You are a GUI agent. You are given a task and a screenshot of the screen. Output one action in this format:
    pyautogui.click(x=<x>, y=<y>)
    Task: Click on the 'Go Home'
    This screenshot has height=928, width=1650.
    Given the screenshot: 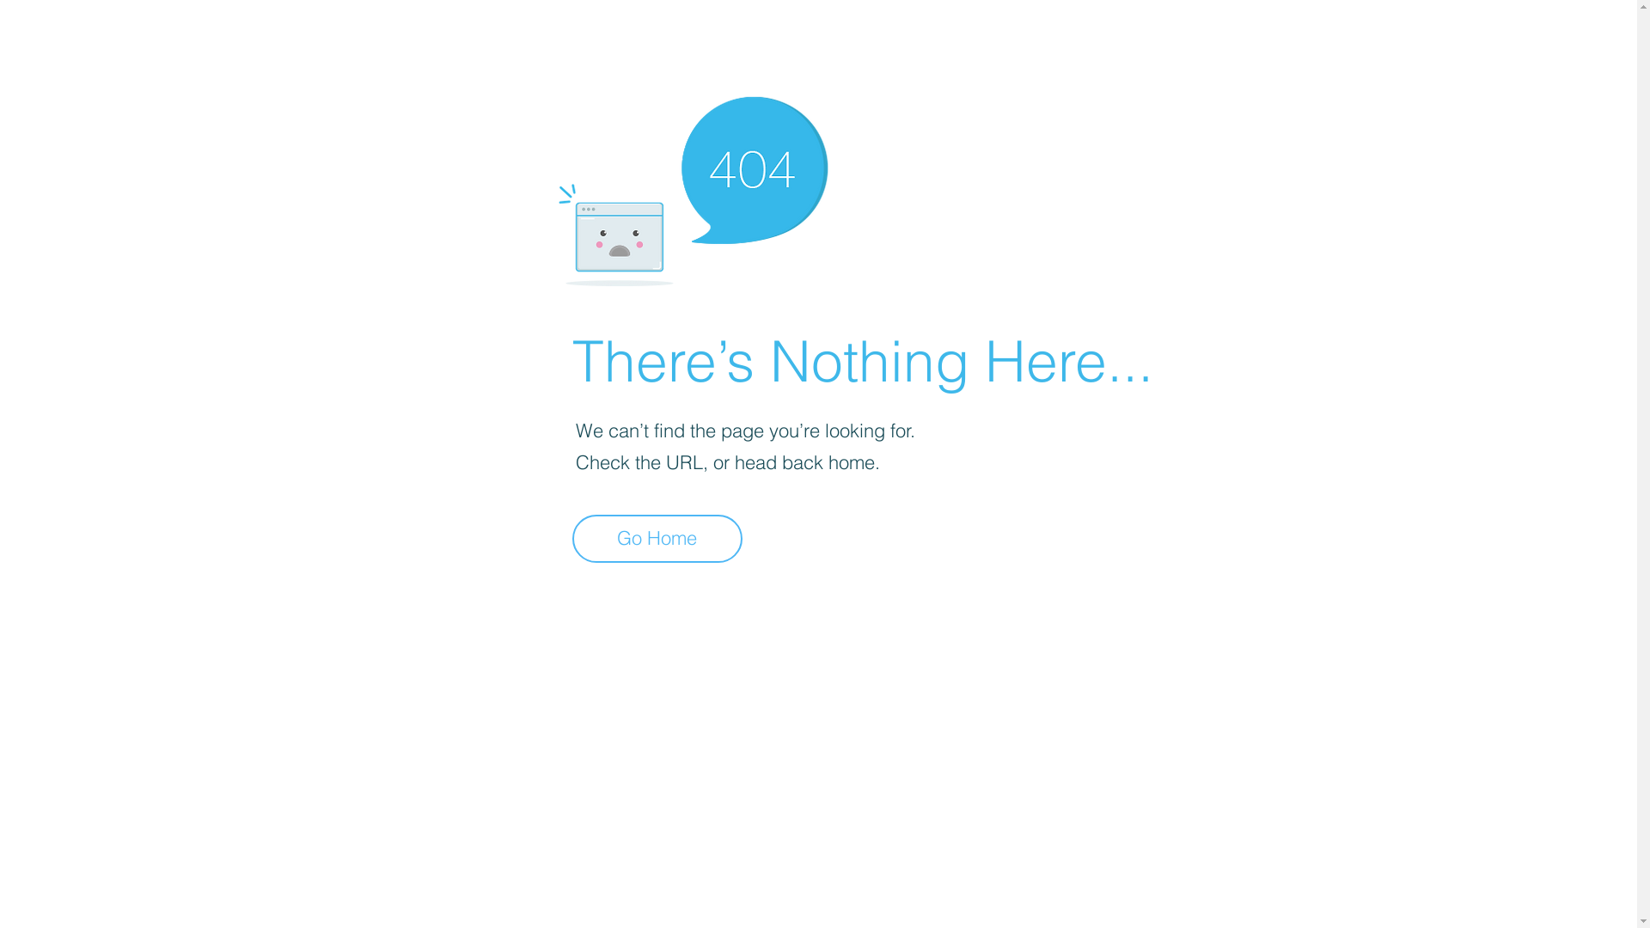 What is the action you would take?
    pyautogui.click(x=656, y=538)
    